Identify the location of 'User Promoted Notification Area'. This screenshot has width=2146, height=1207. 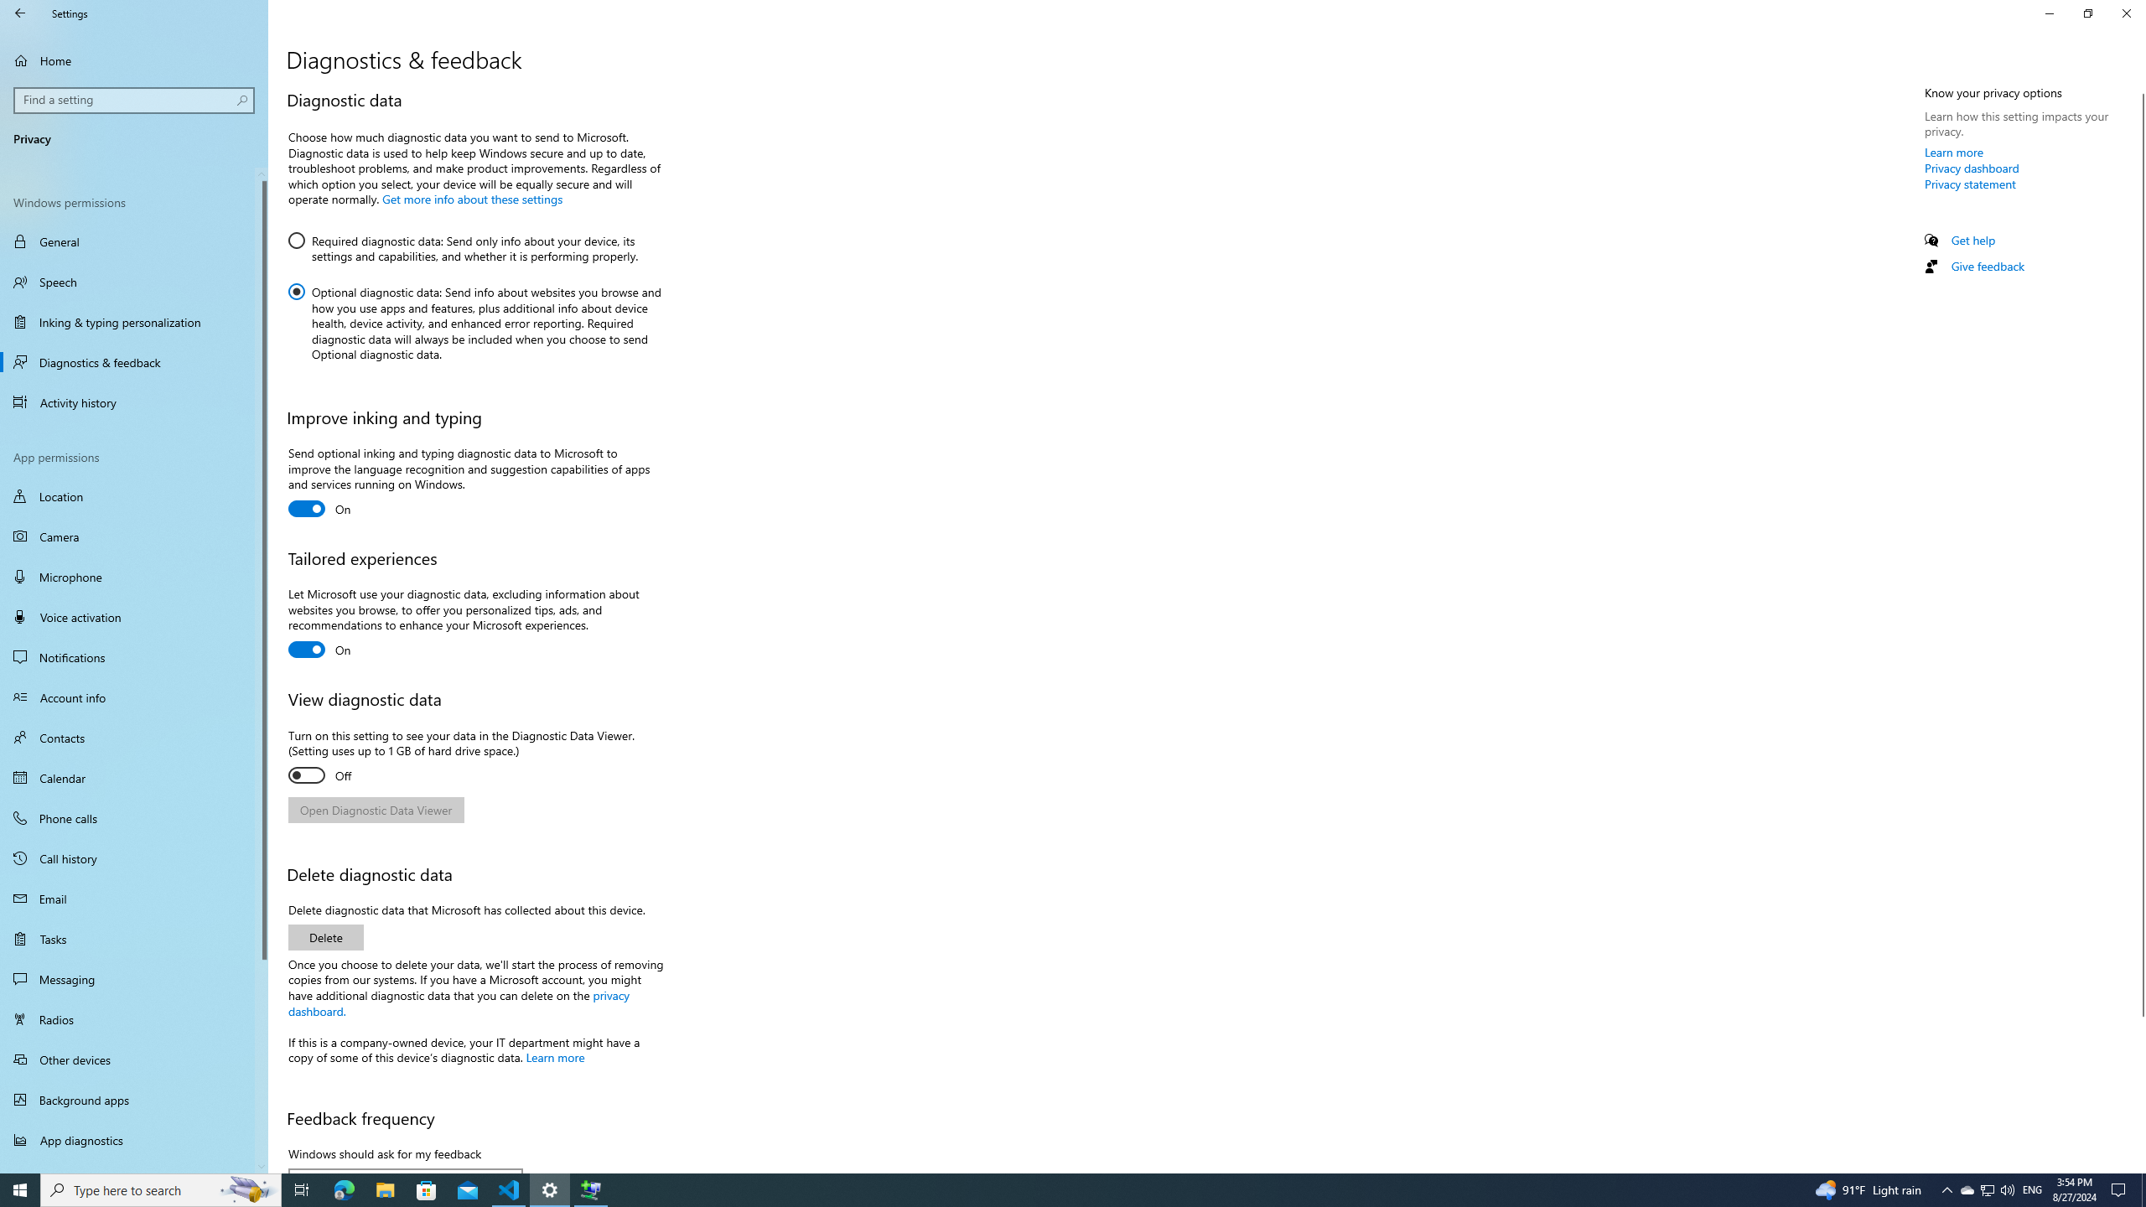
(1986, 1189).